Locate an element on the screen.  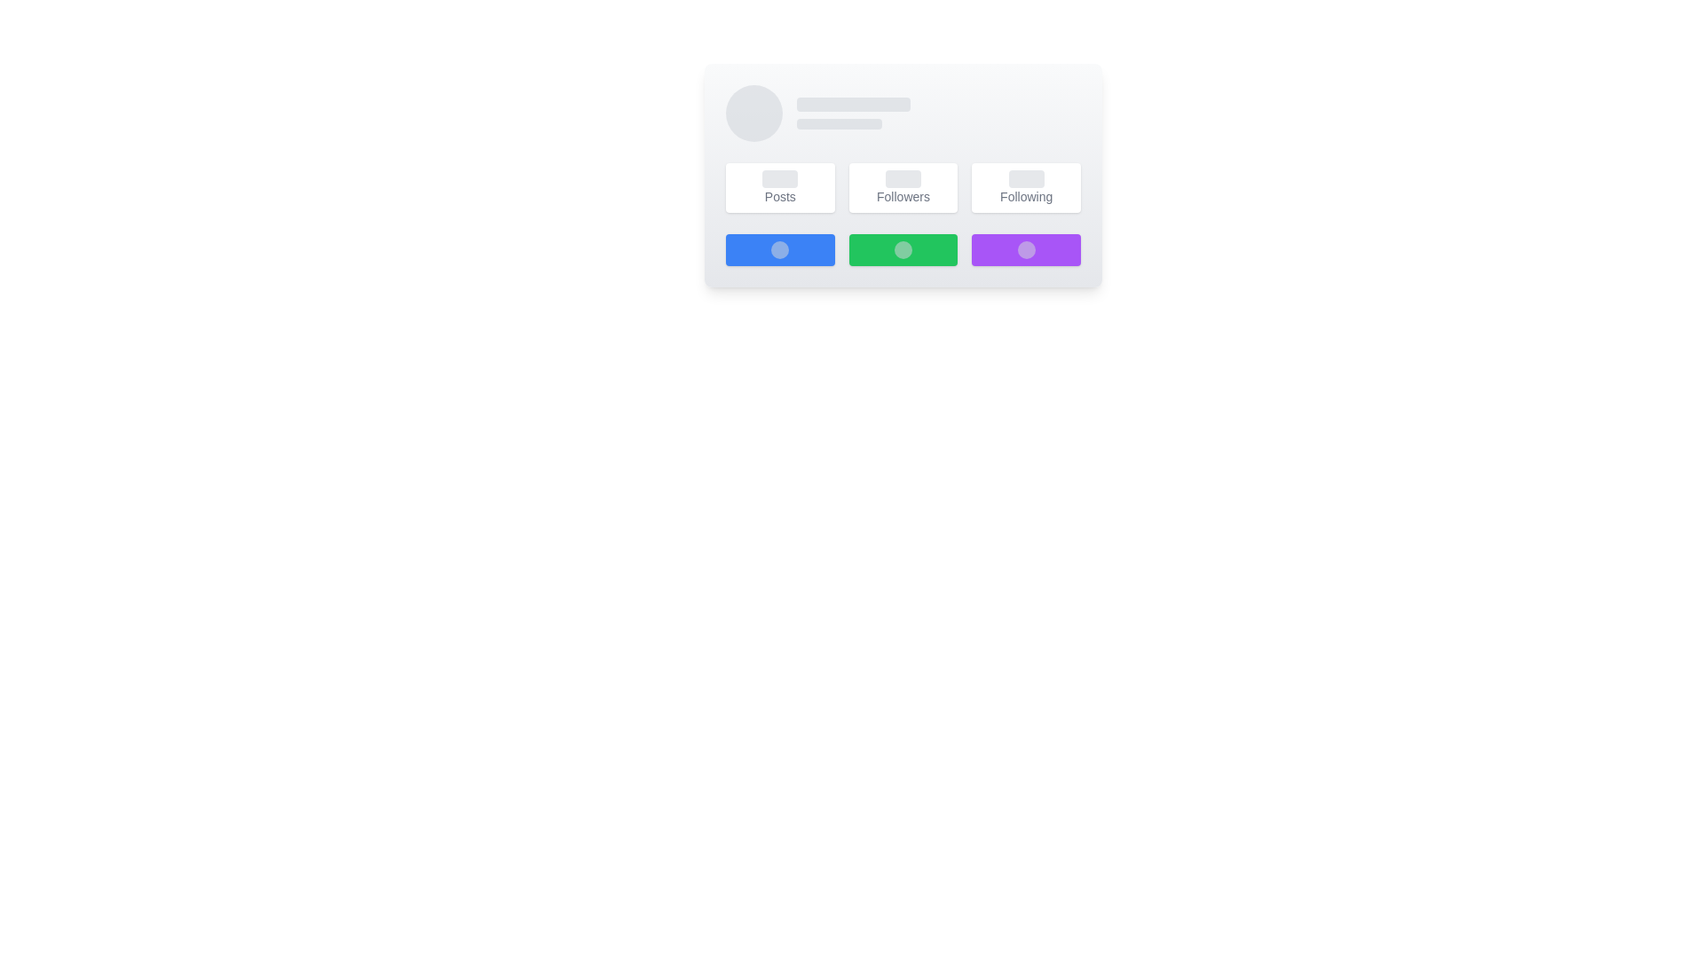
the third button in the horizontal group of buttons related to 'Following' is located at coordinates (1026, 249).